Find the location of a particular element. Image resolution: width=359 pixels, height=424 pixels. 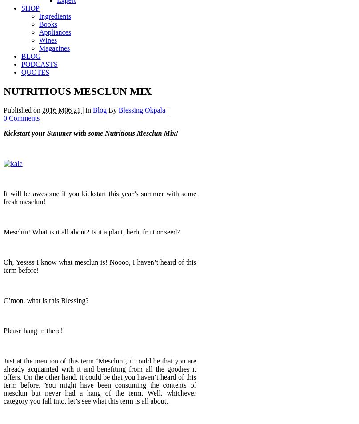

'PODCASTS' is located at coordinates (39, 64).